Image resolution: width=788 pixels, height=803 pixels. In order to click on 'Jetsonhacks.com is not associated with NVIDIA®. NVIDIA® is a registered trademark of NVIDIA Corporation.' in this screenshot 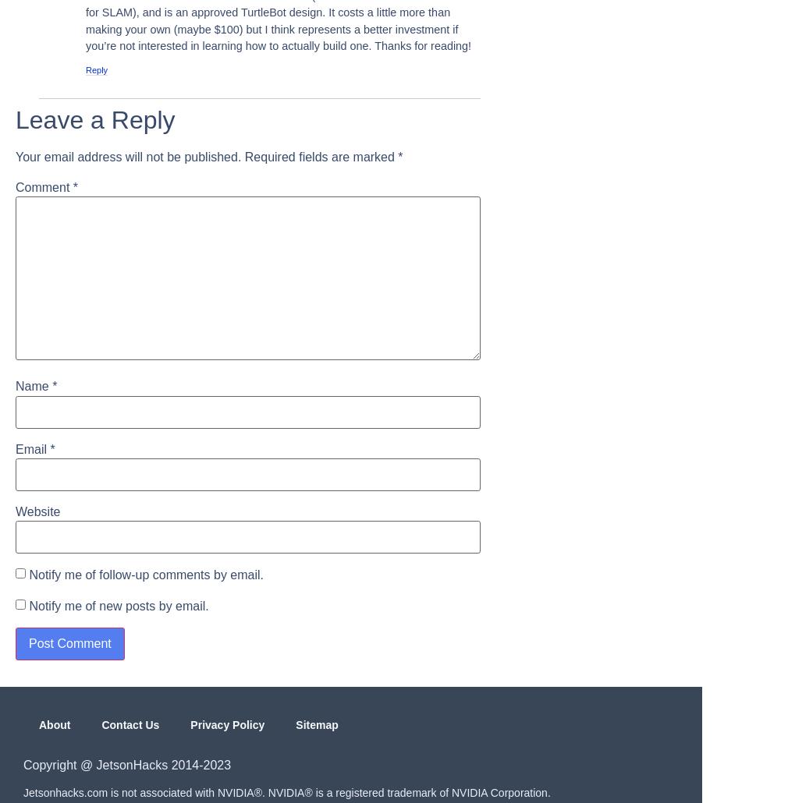, I will do `click(286, 792)`.